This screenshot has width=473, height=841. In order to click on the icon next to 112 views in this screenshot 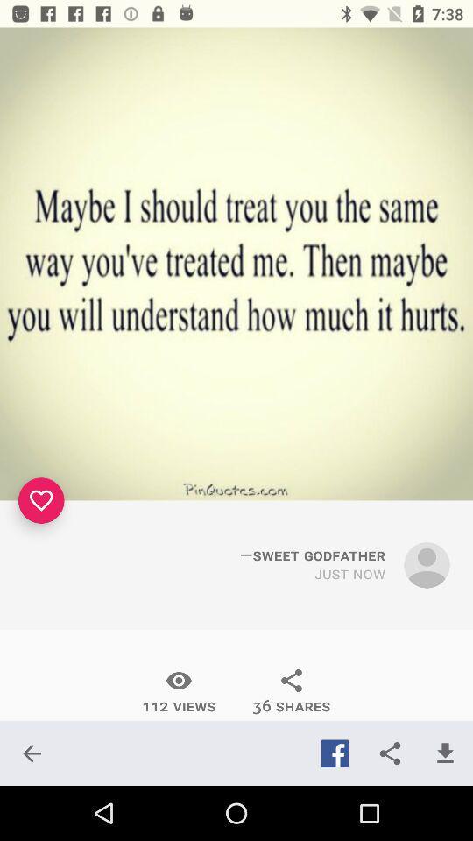, I will do `click(32, 753)`.